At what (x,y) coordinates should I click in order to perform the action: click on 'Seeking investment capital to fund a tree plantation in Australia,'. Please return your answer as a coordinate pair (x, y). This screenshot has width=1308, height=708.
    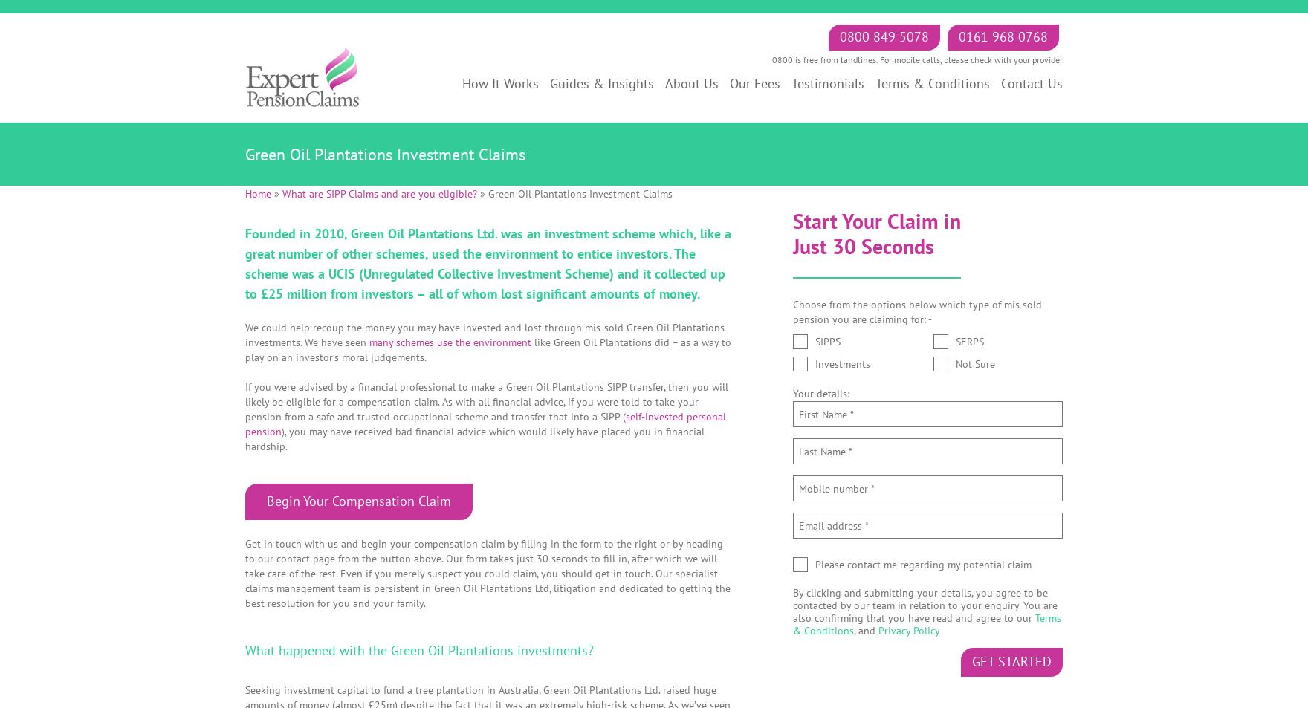
    Looking at the image, I should click on (394, 689).